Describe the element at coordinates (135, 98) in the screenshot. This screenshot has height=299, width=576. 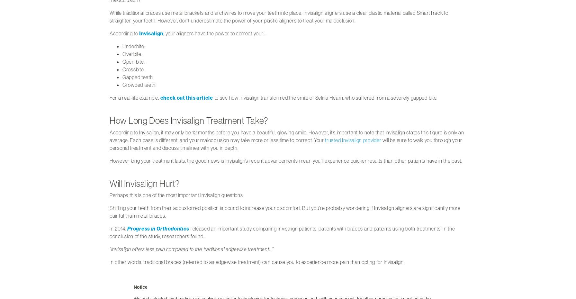
I see `'For a real-life example,'` at that location.